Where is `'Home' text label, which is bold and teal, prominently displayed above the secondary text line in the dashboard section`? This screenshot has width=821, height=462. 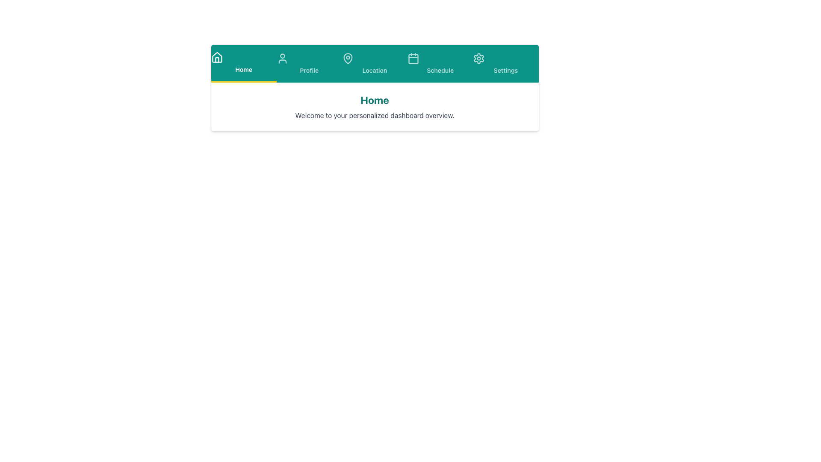 'Home' text label, which is bold and teal, prominently displayed above the secondary text line in the dashboard section is located at coordinates (375, 100).